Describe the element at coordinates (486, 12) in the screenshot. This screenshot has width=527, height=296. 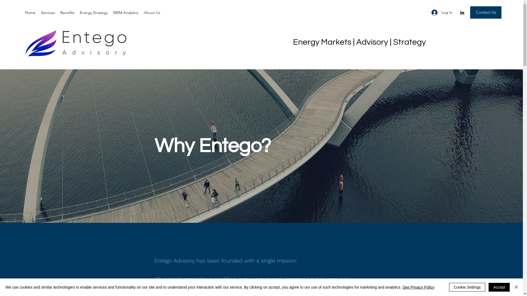
I see `'Contact Us'` at that location.